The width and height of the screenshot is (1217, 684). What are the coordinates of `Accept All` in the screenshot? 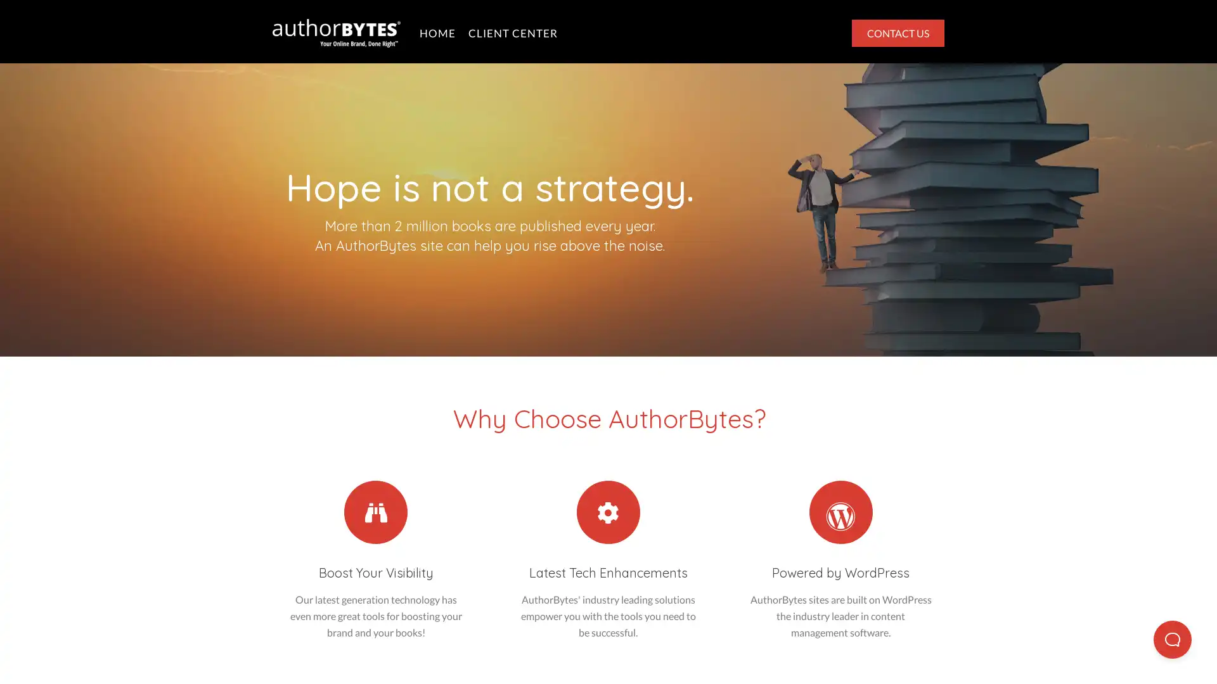 It's located at (1079, 655).